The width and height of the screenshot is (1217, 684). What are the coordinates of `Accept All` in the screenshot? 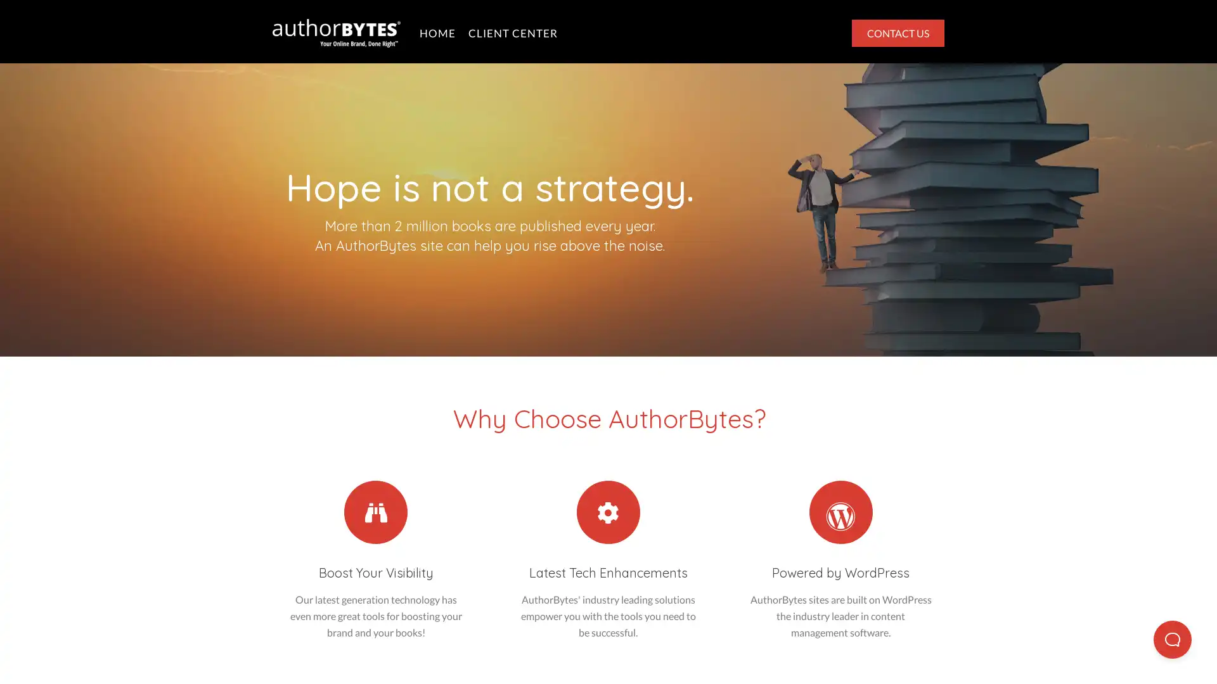 It's located at (1079, 655).